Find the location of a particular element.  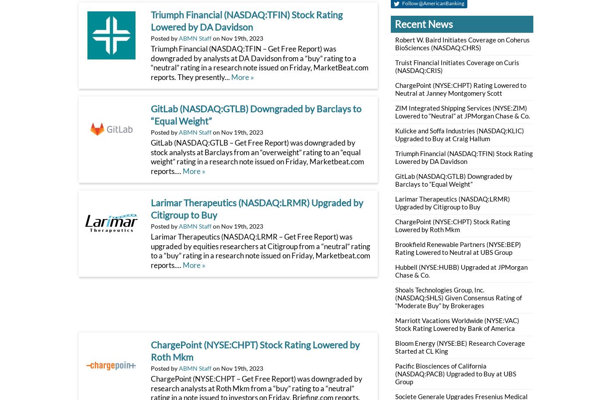

'Truist Financial Initiates Coverage on Curis (NASDAQ:CRIS)' is located at coordinates (456, 66).